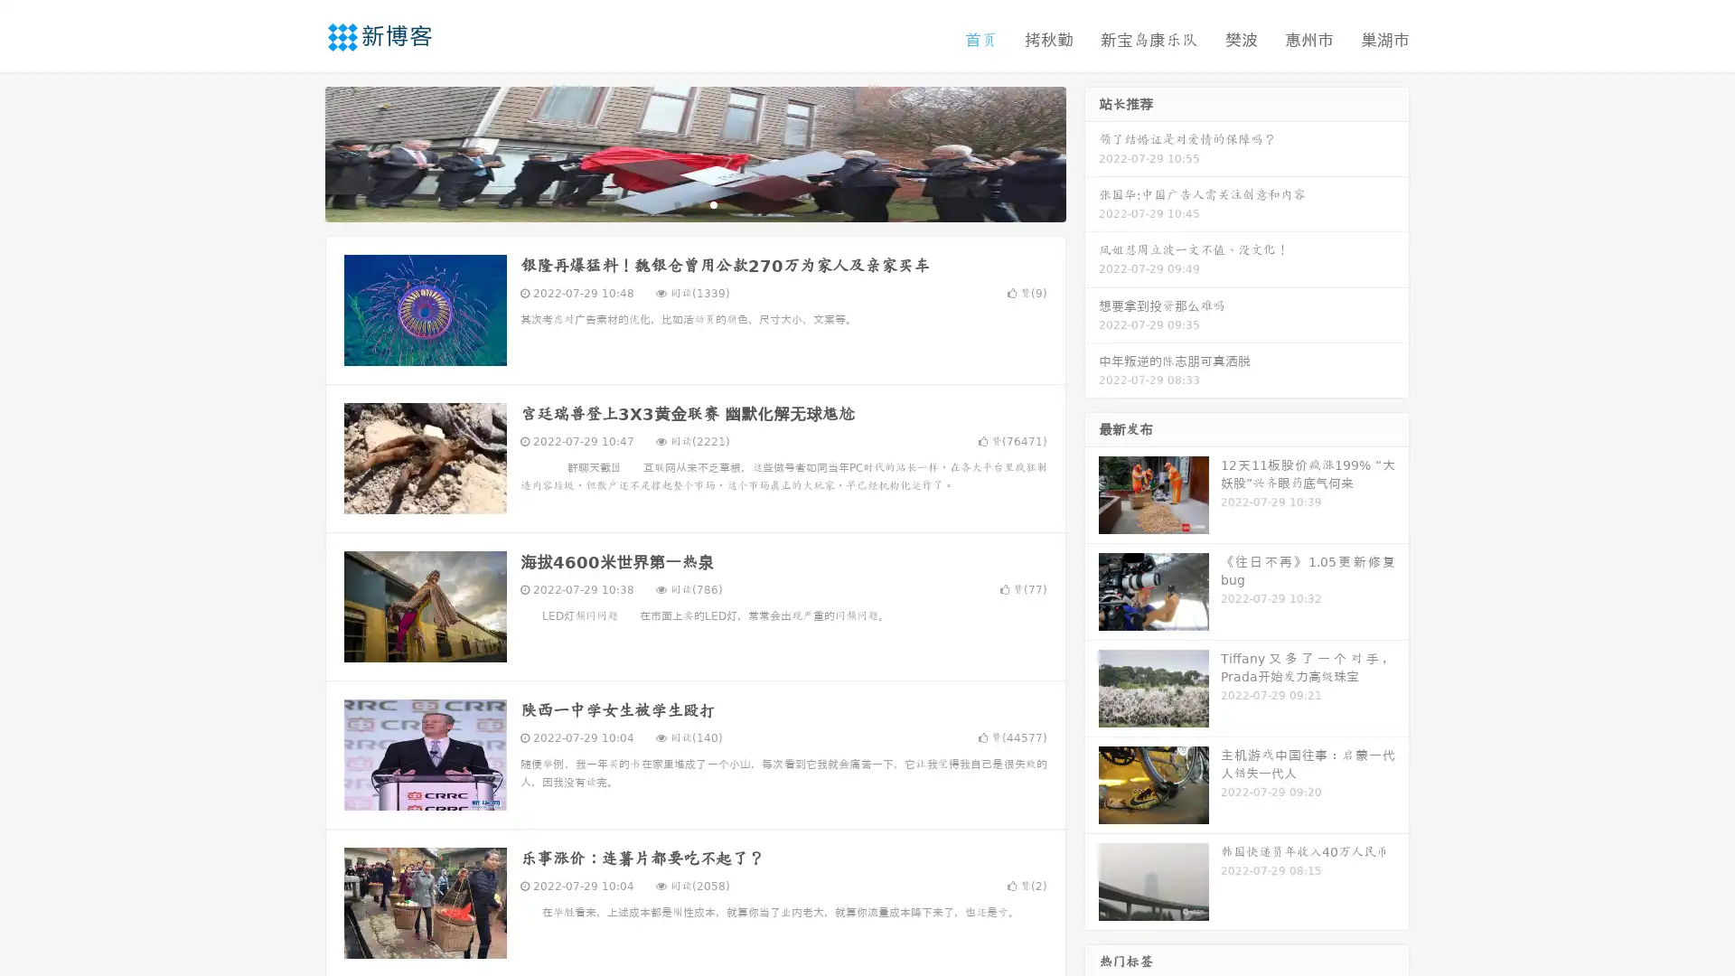  I want to click on Previous slide, so click(298, 152).